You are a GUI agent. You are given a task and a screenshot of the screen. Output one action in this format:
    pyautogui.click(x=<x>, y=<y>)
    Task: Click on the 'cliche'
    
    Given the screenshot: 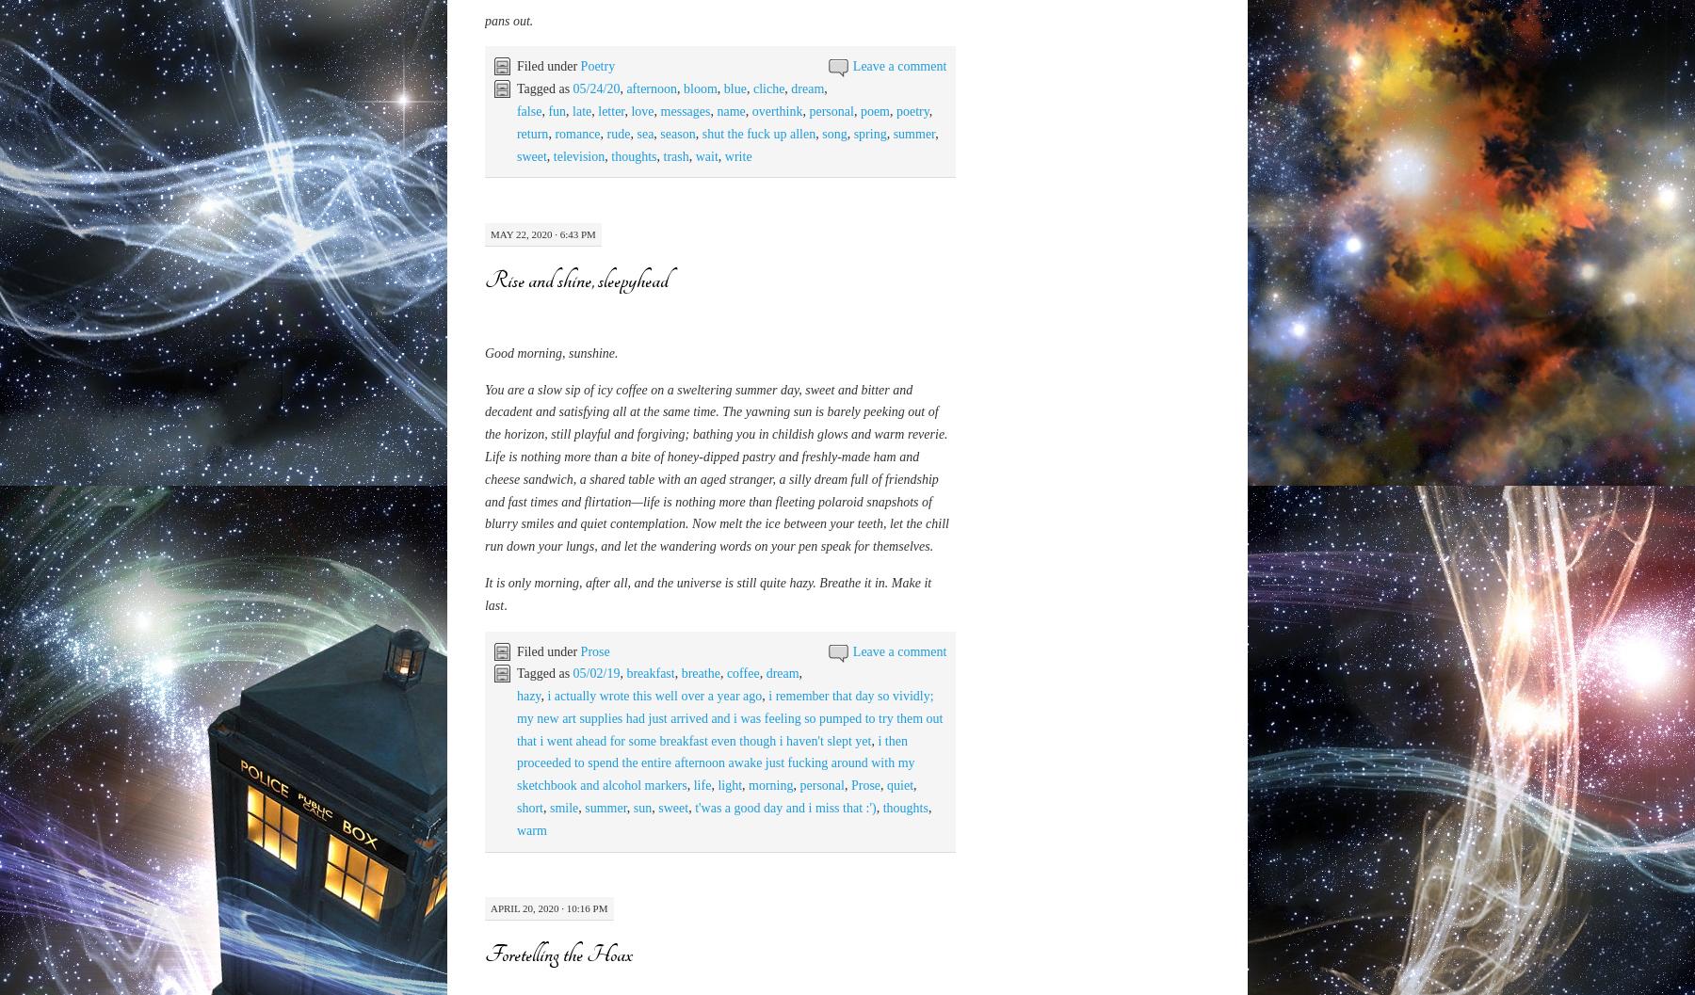 What is the action you would take?
    pyautogui.click(x=752, y=850)
    